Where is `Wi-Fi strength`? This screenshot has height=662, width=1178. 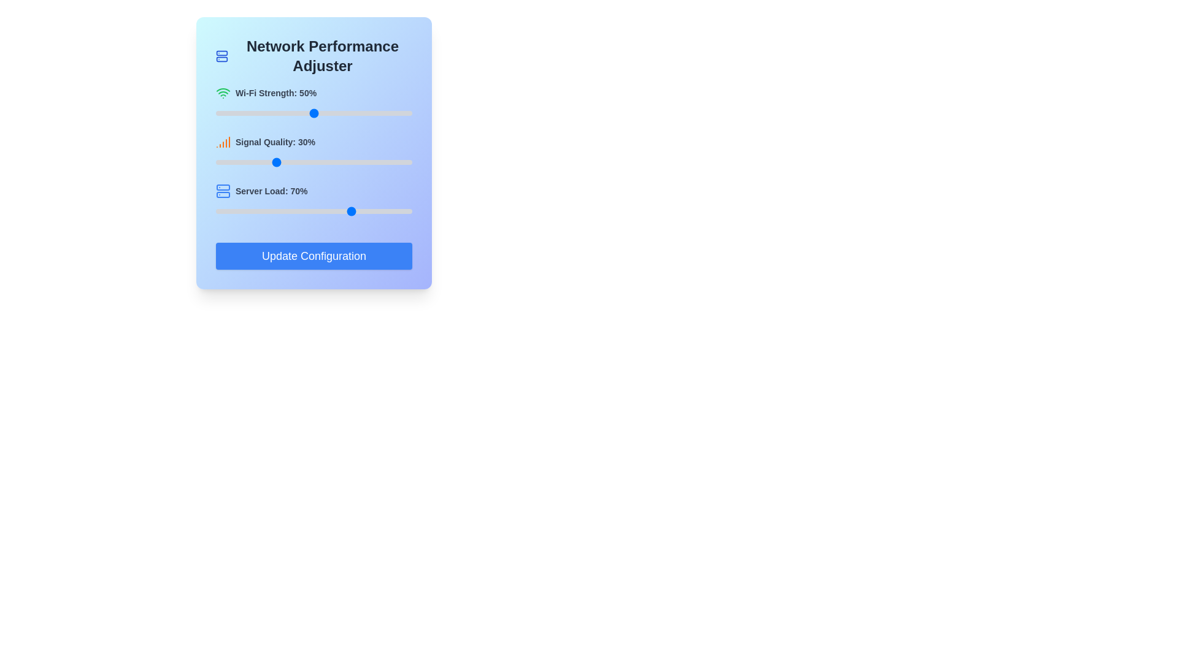
Wi-Fi strength is located at coordinates (344, 113).